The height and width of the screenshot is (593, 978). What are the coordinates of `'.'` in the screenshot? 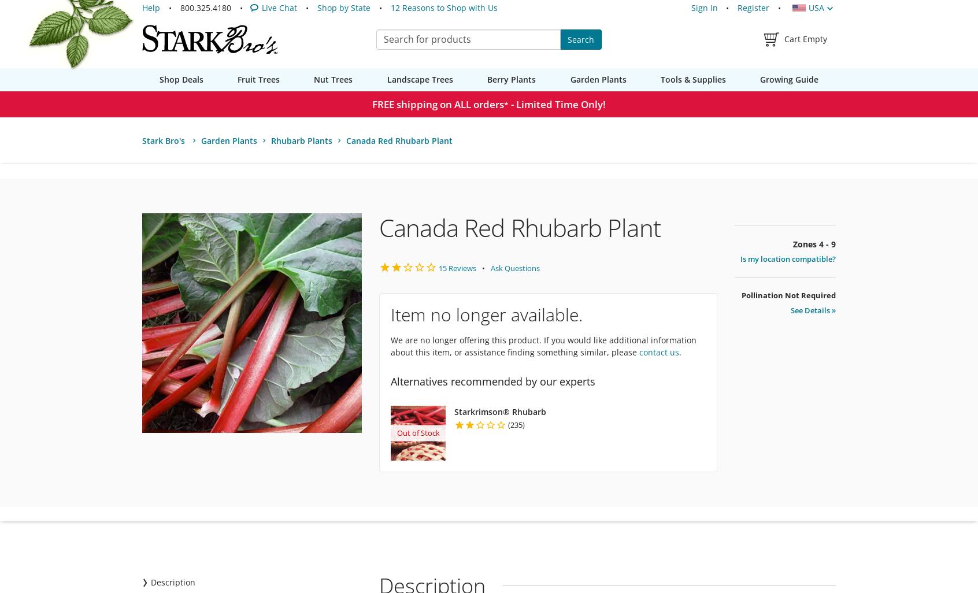 It's located at (679, 351).